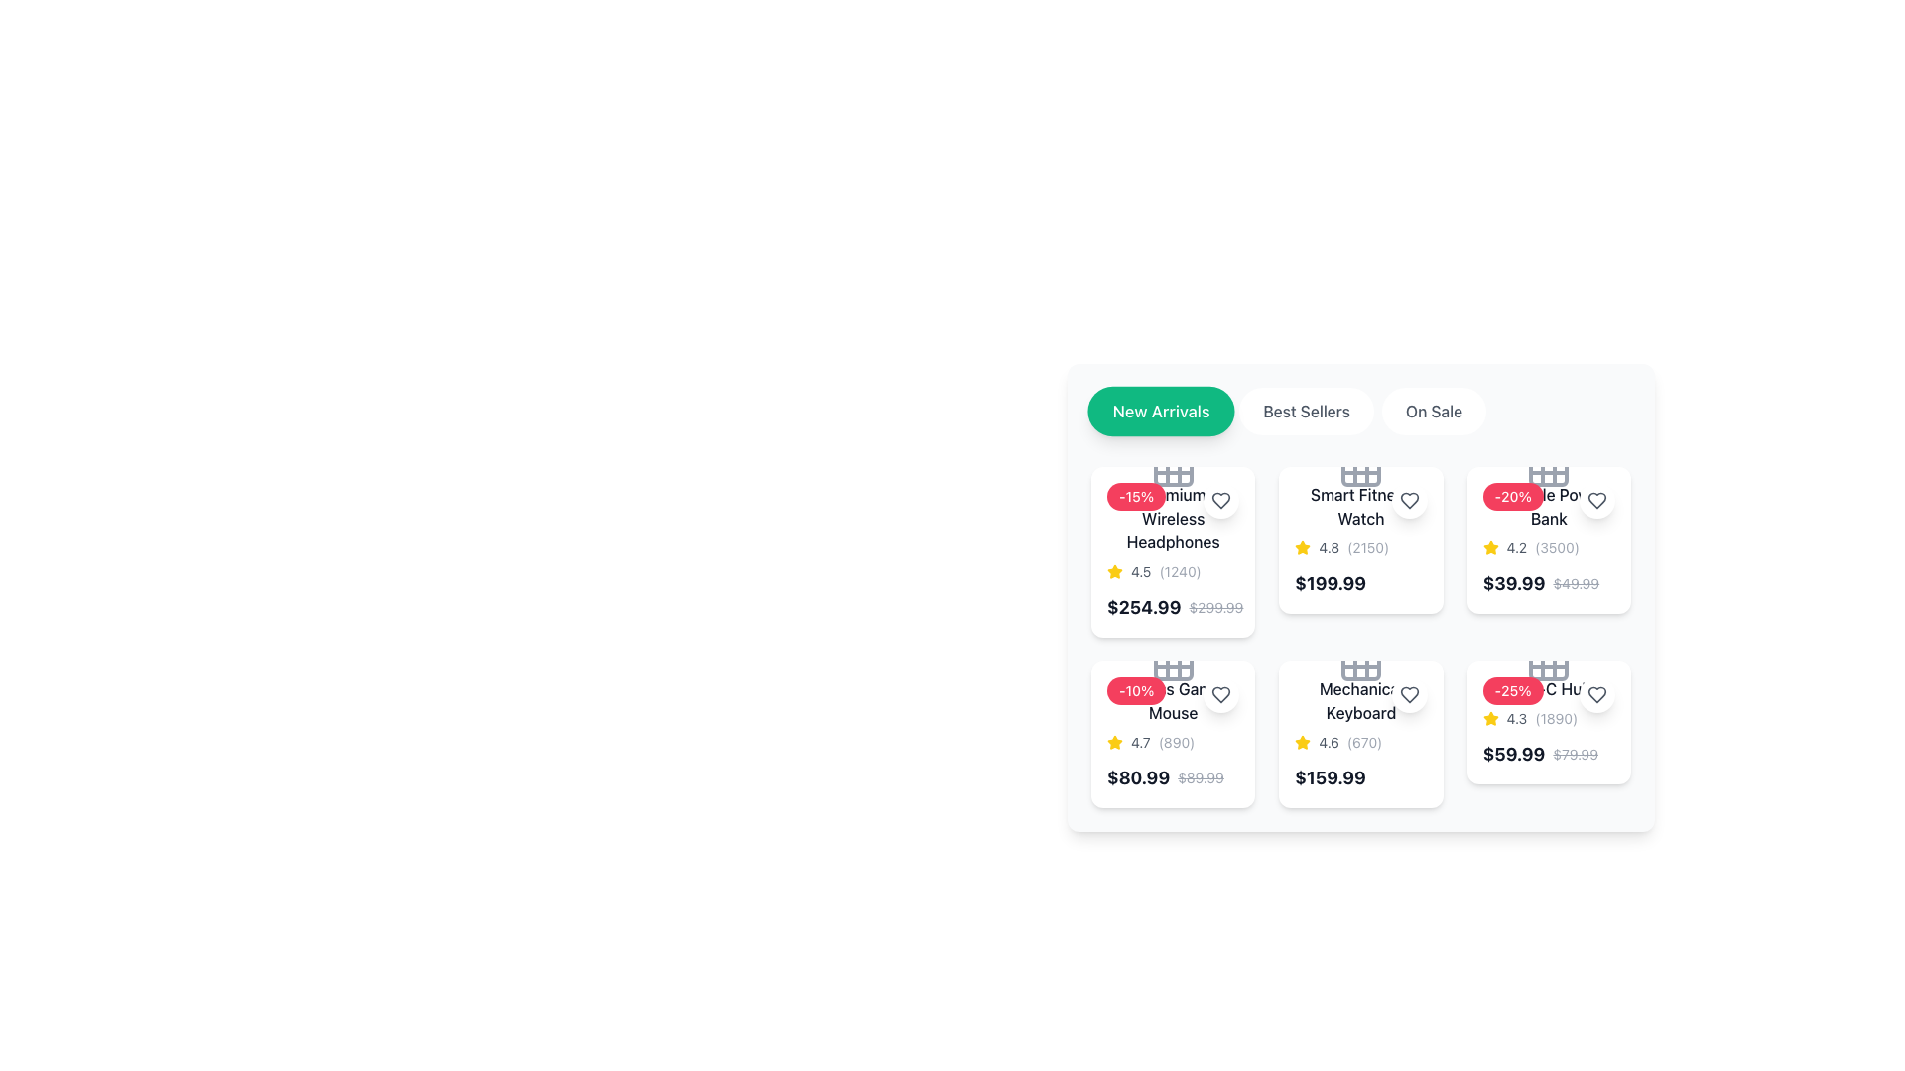 The height and width of the screenshot is (1071, 1905). What do you see at coordinates (1513, 583) in the screenshot?
I see `text displaying the price '$39.99' in bold, large-sized font located in the third card of the first row` at bounding box center [1513, 583].